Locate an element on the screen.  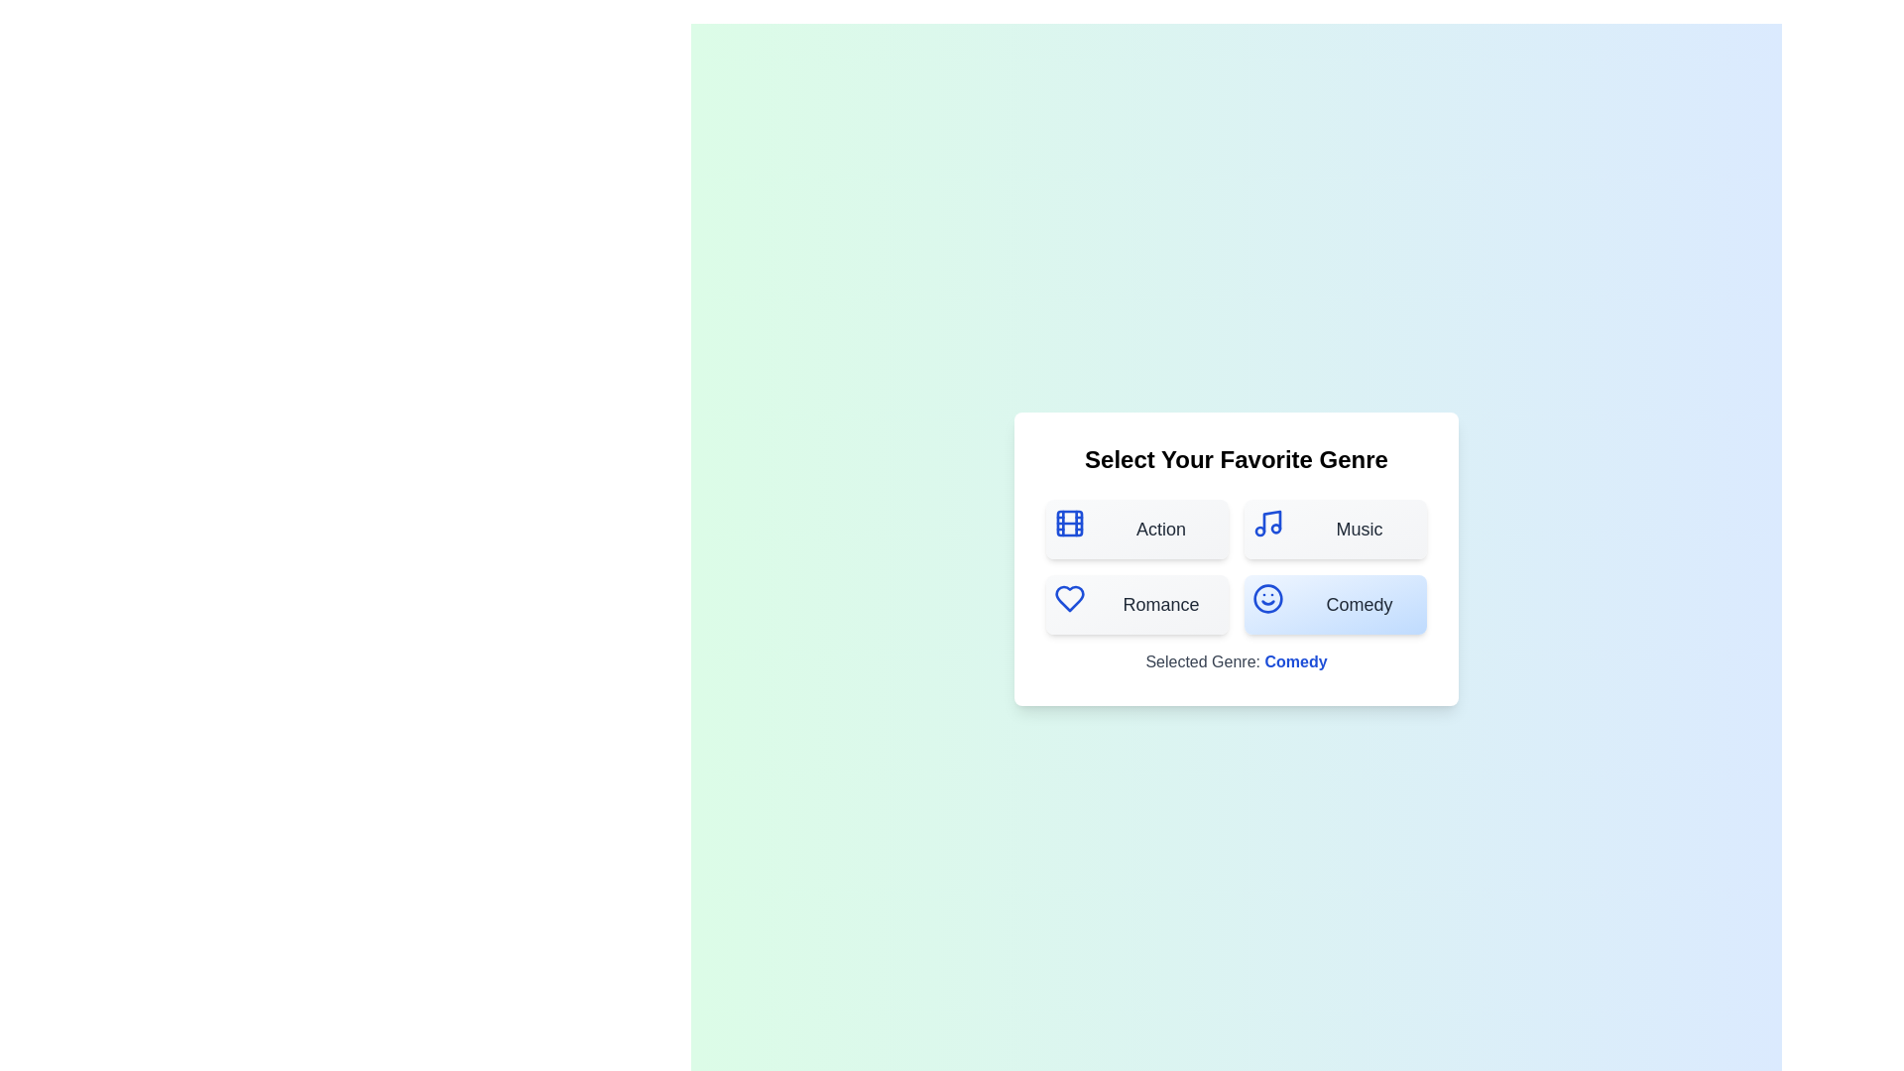
the 'Comedy' genre button located in the bottom-right position of the genre grid is located at coordinates (1336, 603).